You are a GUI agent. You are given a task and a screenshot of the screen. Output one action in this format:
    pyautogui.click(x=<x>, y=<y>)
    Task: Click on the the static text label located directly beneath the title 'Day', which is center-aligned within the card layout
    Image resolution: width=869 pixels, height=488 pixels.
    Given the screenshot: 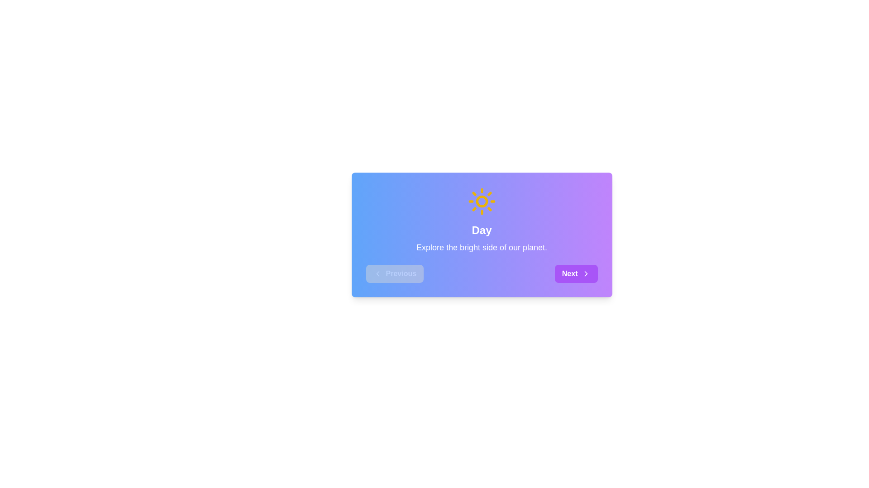 What is the action you would take?
    pyautogui.click(x=481, y=247)
    